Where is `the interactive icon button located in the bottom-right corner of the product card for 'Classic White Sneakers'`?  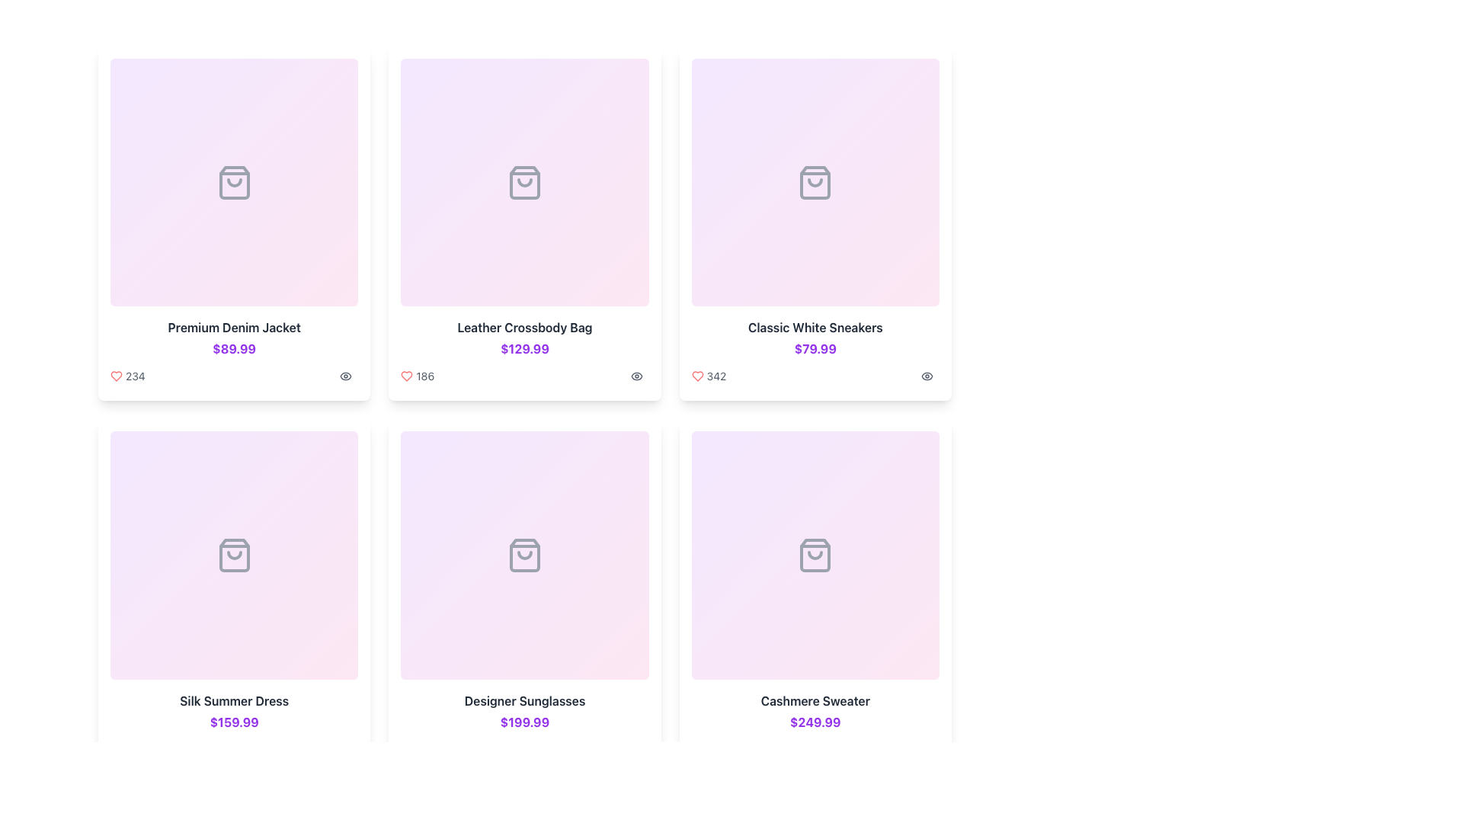 the interactive icon button located in the bottom-right corner of the product card for 'Classic White Sneakers' is located at coordinates (927, 376).